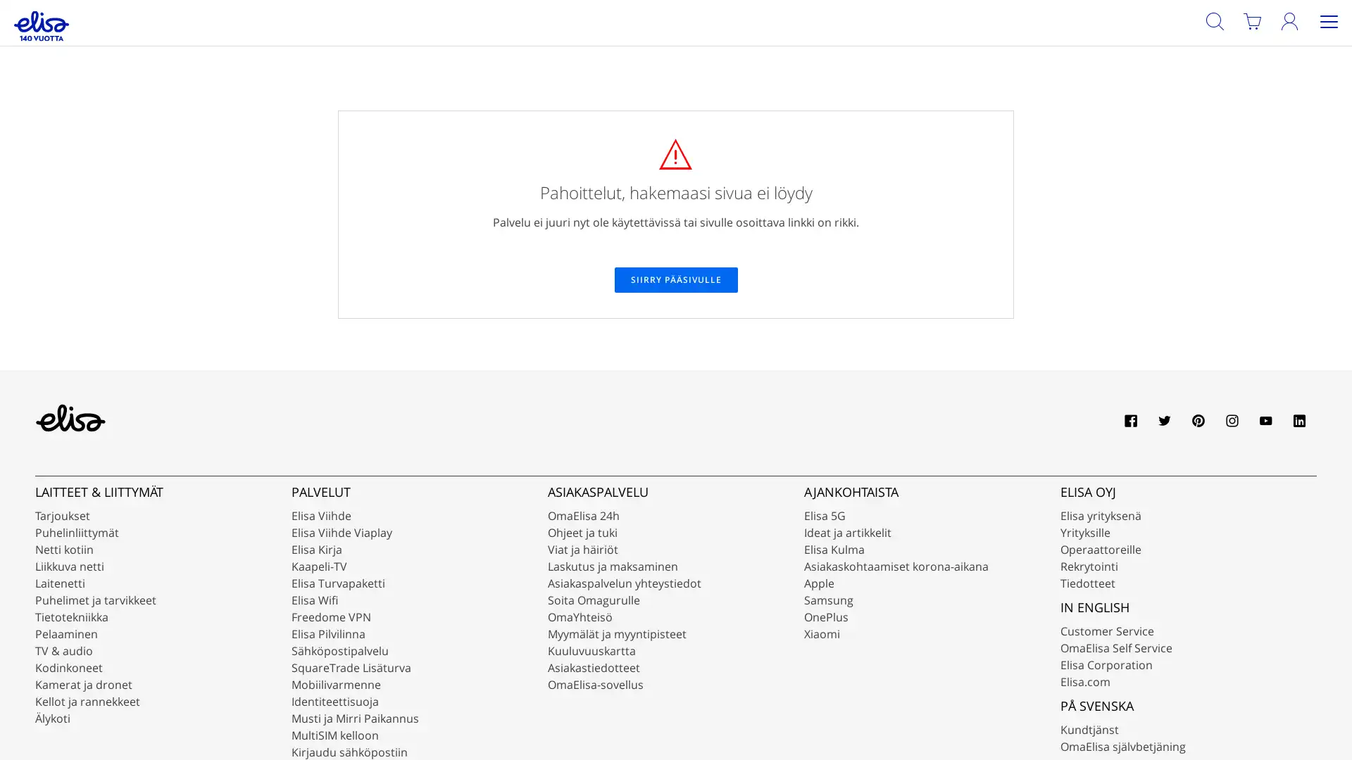  I want to click on HYVAKSY KAIKKI, so click(1277, 710).